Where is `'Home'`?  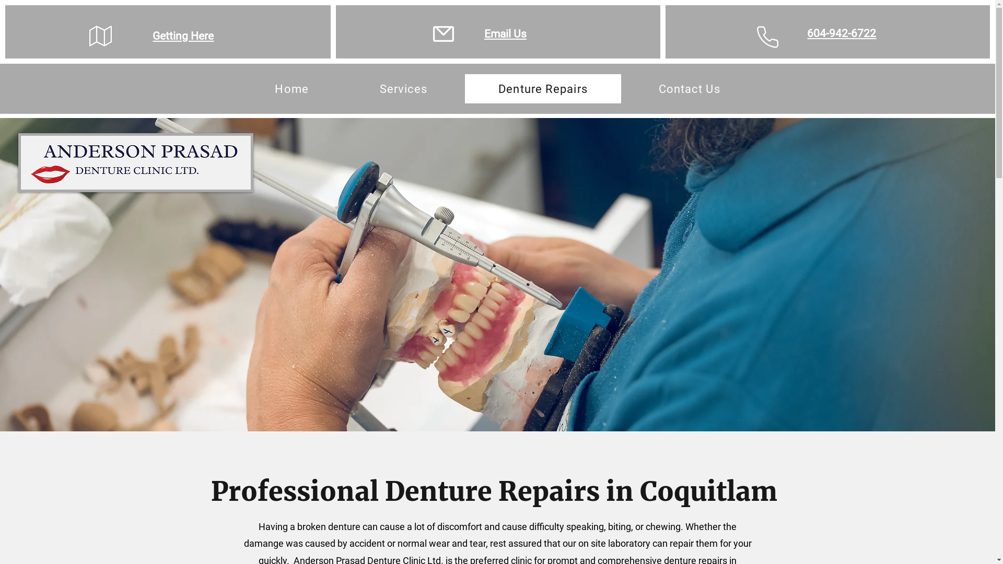
'Home' is located at coordinates (240, 88).